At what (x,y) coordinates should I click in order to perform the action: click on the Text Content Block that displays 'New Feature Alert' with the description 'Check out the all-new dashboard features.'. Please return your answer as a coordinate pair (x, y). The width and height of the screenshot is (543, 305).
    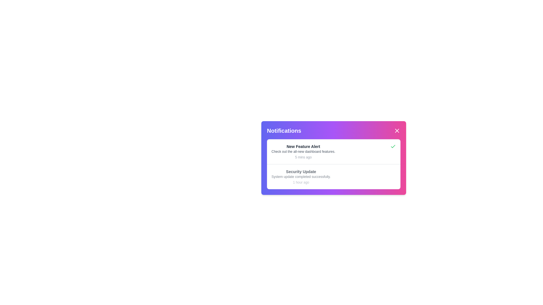
    Looking at the image, I should click on (303, 151).